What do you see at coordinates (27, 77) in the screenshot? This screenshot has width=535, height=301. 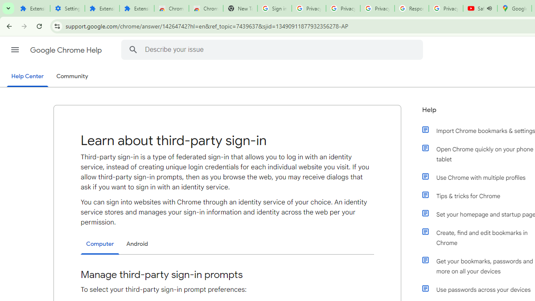 I see `'Help Center'` at bounding box center [27, 77].